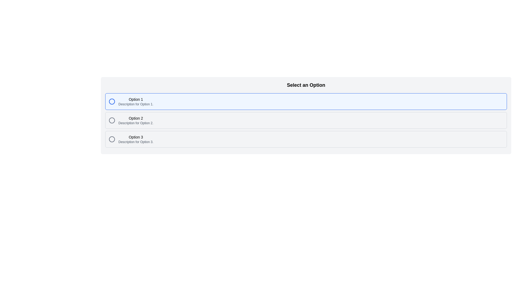 This screenshot has height=291, width=518. What do you see at coordinates (111, 102) in the screenshot?
I see `the circular icon with a blue border located to the left of 'Option 1' in the selectable list` at bounding box center [111, 102].